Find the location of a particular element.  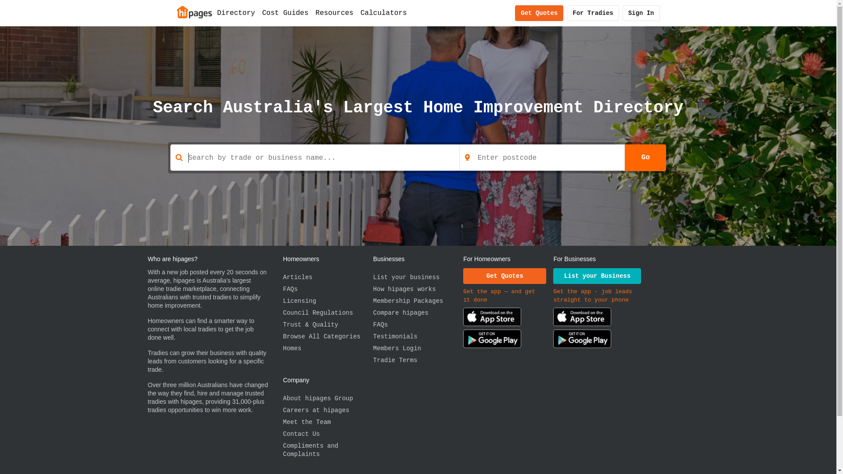

'Contact Us' is located at coordinates (327, 434).